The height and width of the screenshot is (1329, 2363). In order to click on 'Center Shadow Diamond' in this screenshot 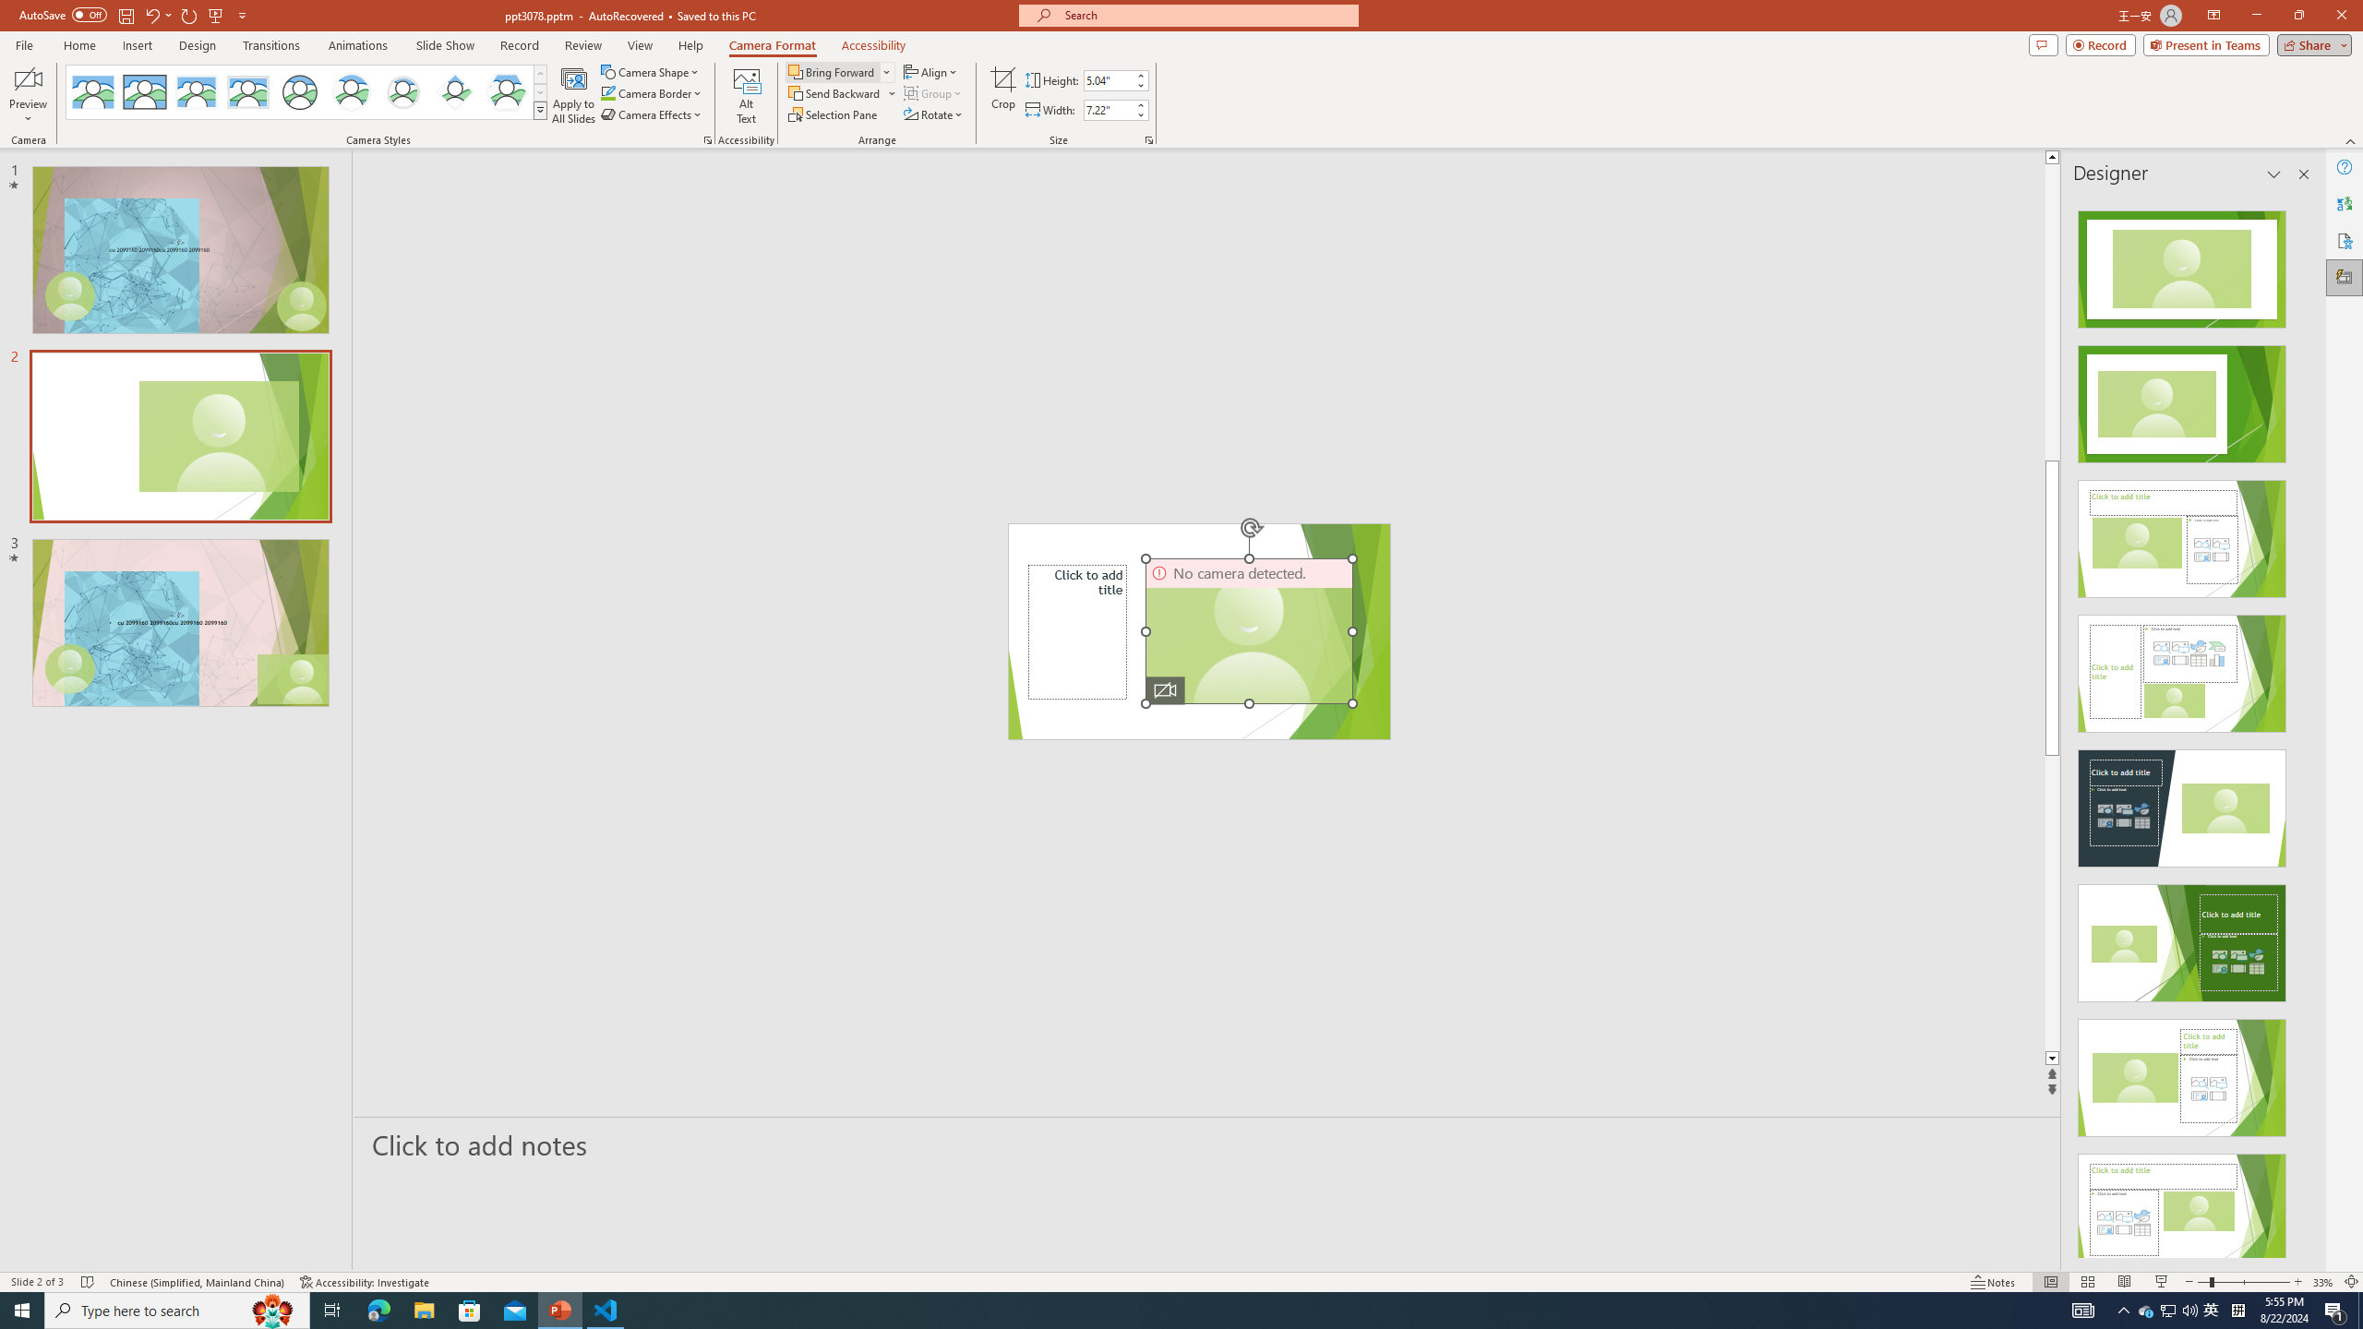, I will do `click(455, 91)`.